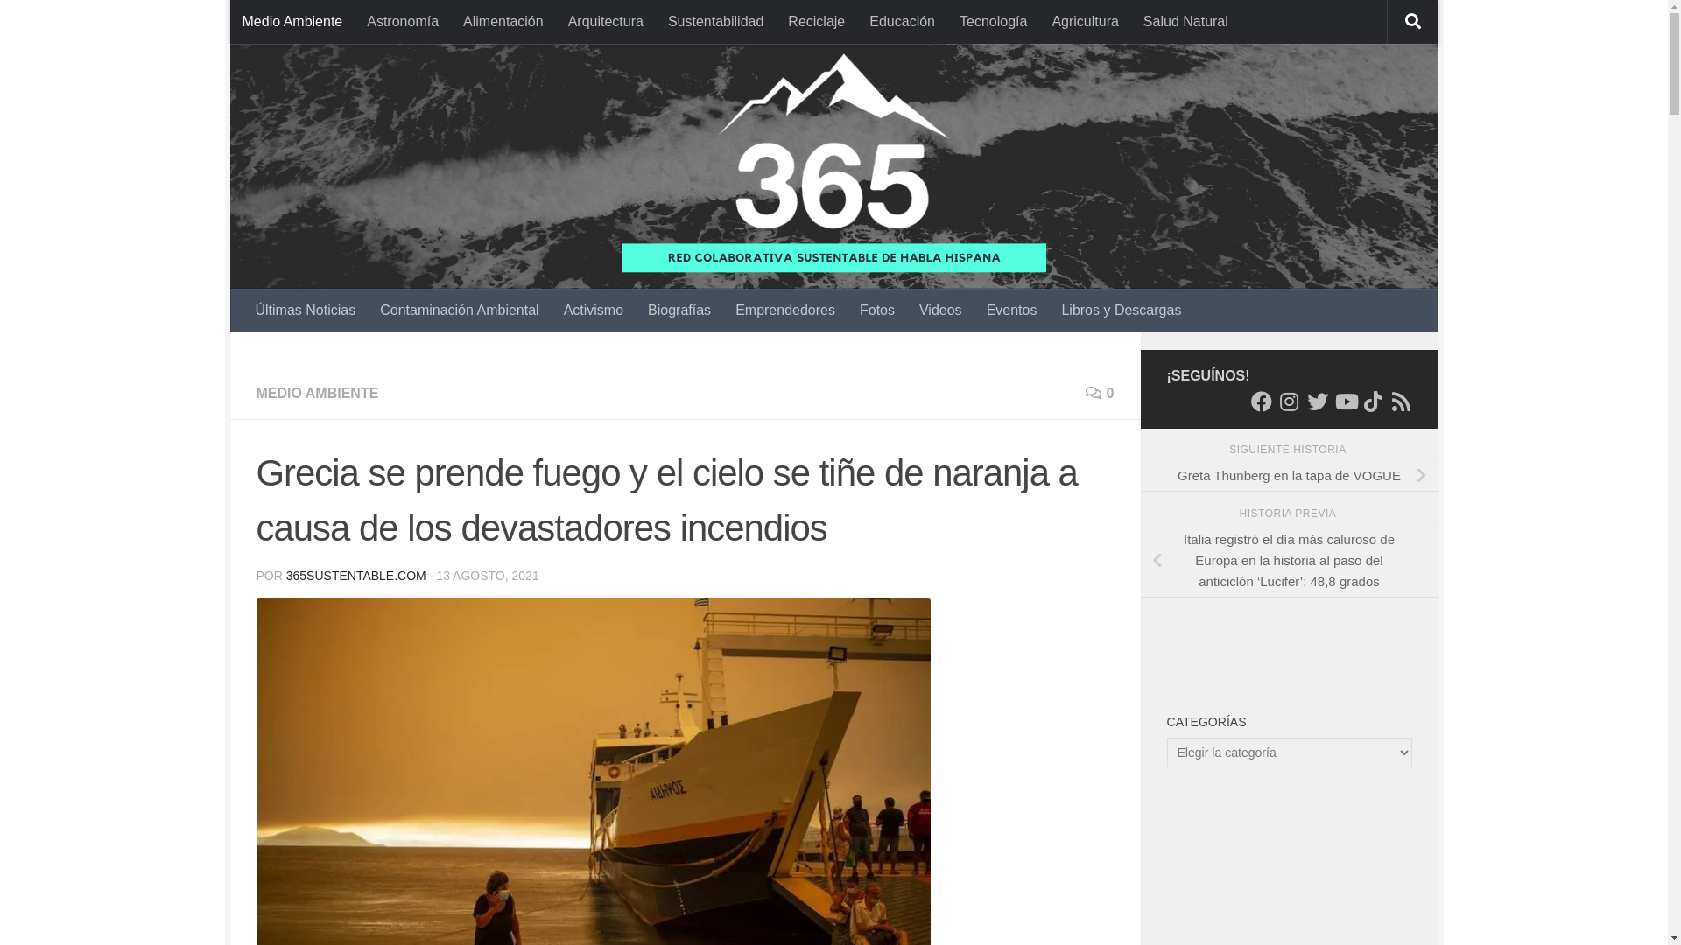  Describe the element at coordinates (355, 576) in the screenshot. I see `'365SUSTENTABLE.COM'` at that location.